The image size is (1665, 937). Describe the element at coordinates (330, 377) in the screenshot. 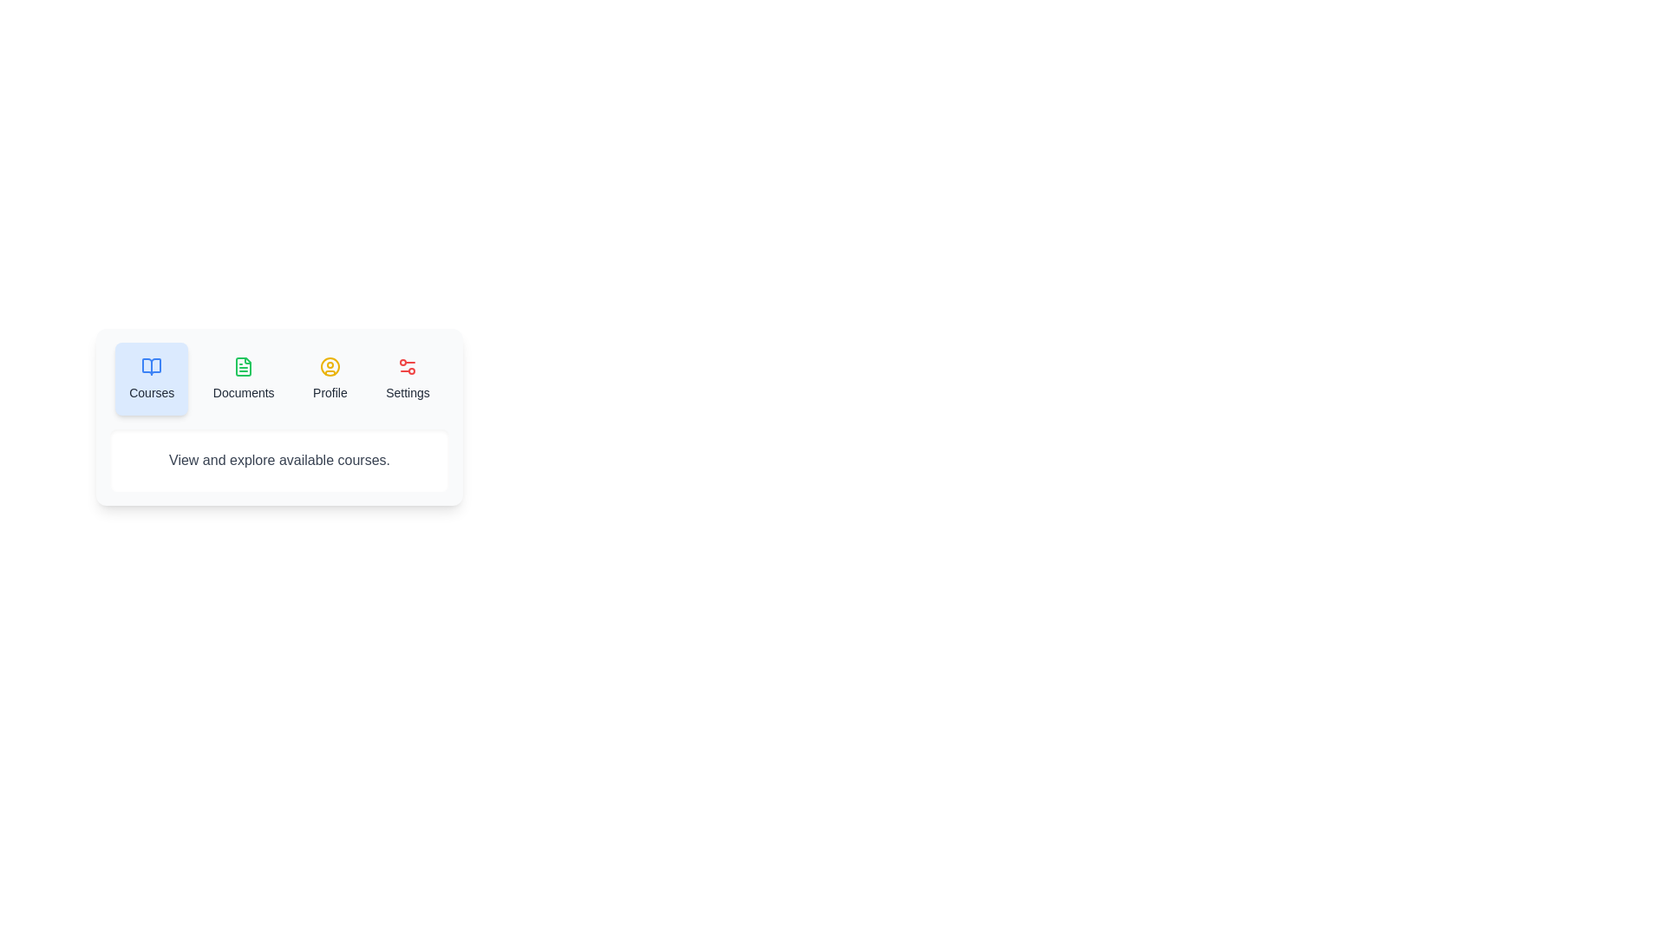

I see `the tab labeled Profile to observe its hover effect` at that location.